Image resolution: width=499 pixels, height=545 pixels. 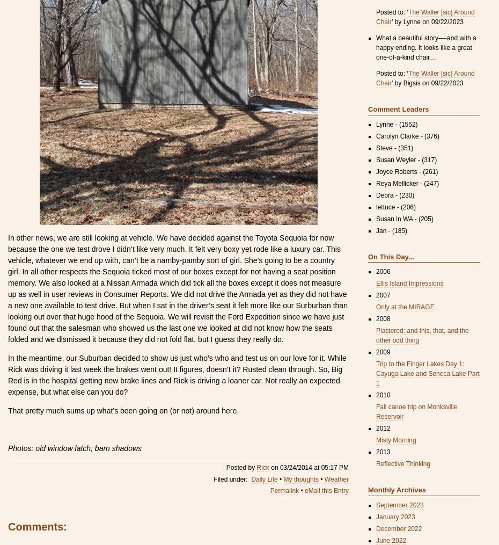 What do you see at coordinates (416, 411) in the screenshot?
I see `'Fall canoe trip on Monksville Reservoir'` at bounding box center [416, 411].